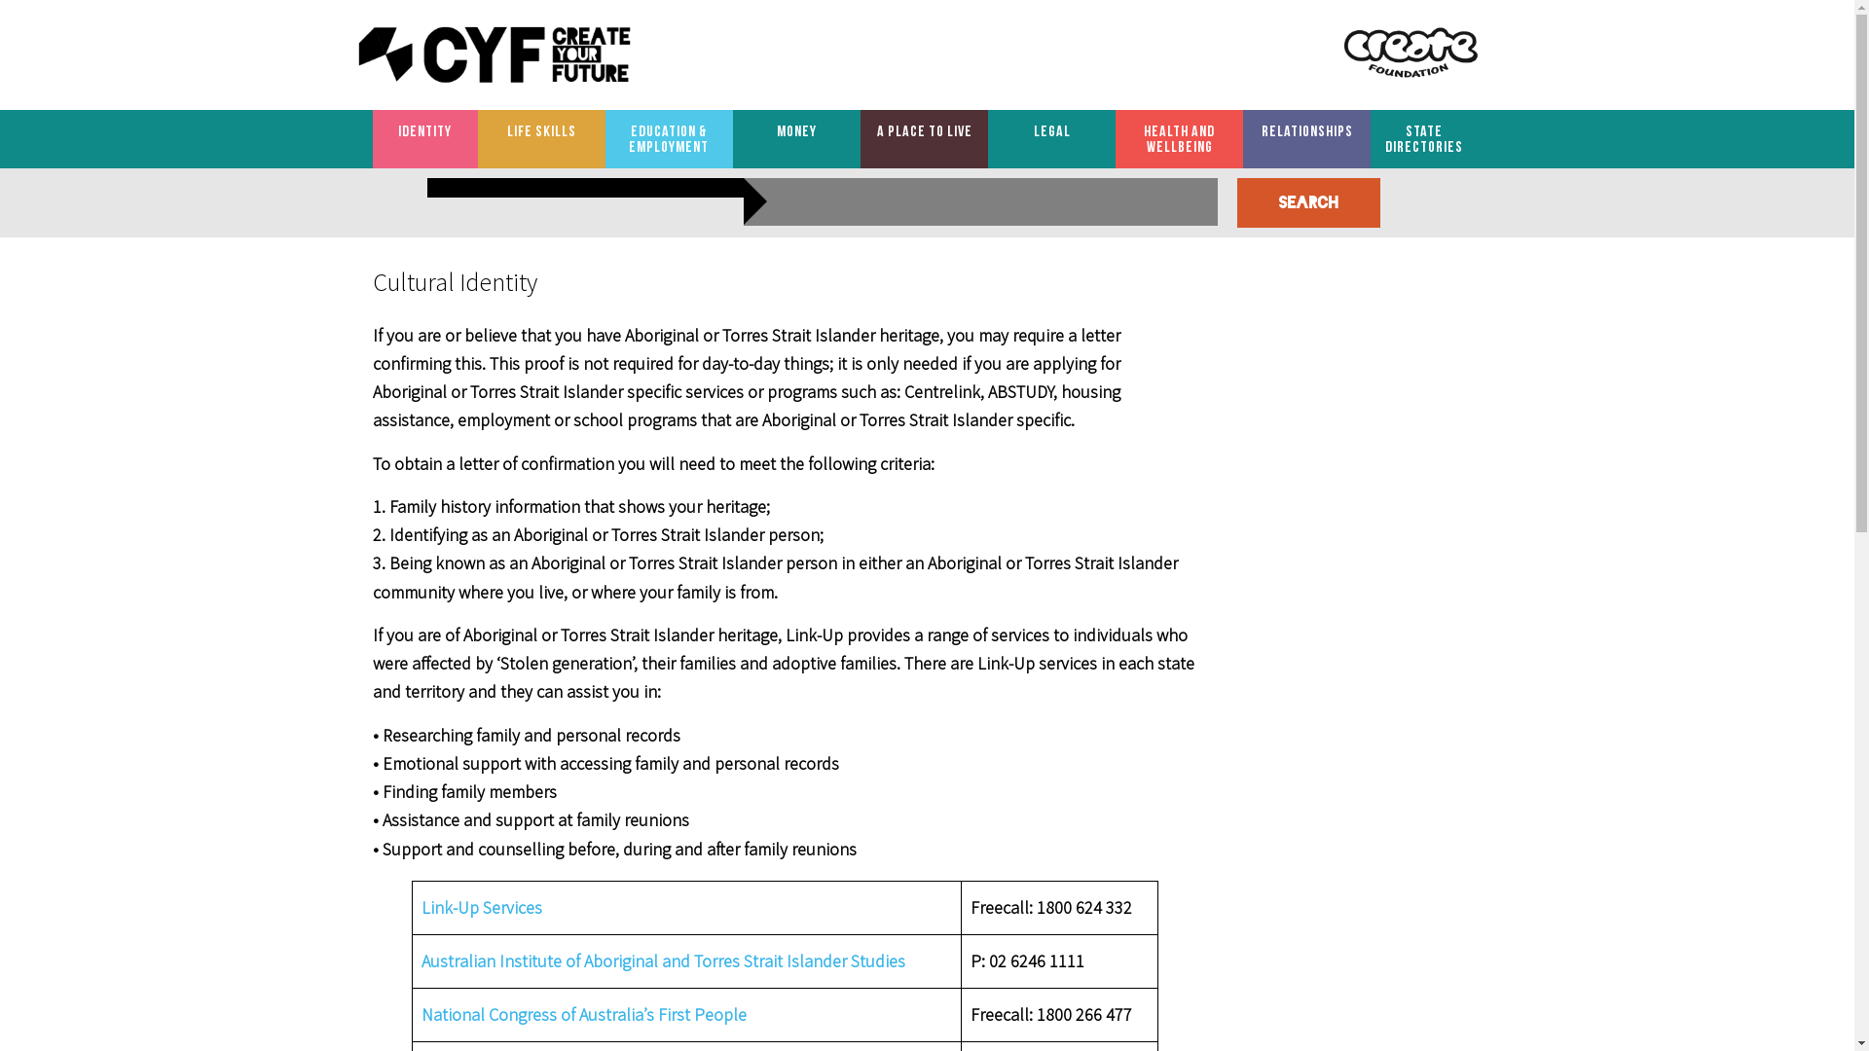 Image resolution: width=1869 pixels, height=1051 pixels. Describe the element at coordinates (1050, 131) in the screenshot. I see `'LEGAL'` at that location.